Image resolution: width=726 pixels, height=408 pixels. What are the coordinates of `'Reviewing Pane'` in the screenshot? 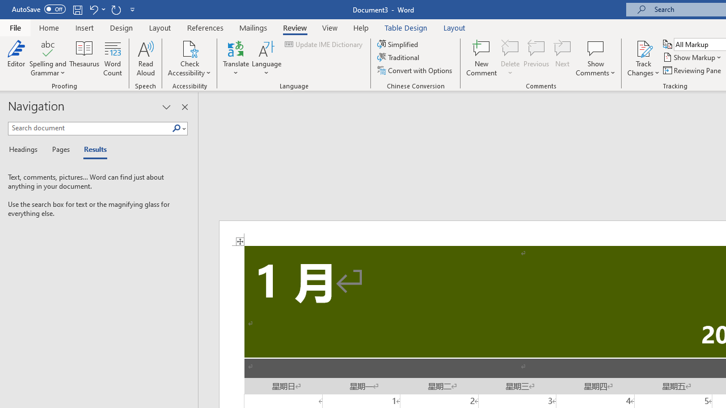 It's located at (692, 70).